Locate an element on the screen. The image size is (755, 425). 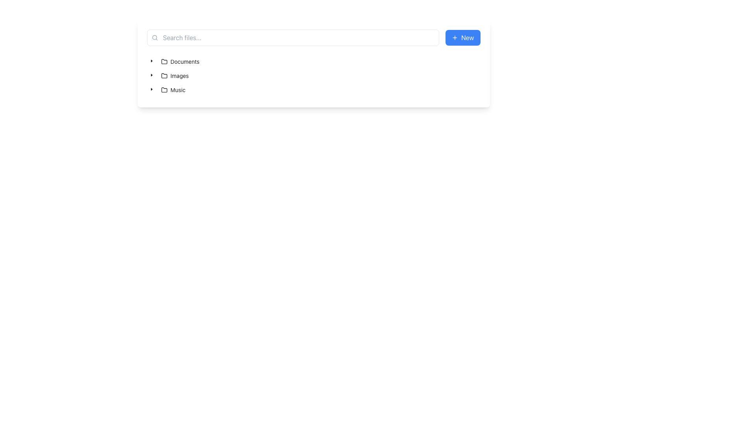
the interactive toggler icon to the left of the 'Documents' text label is located at coordinates (151, 61).